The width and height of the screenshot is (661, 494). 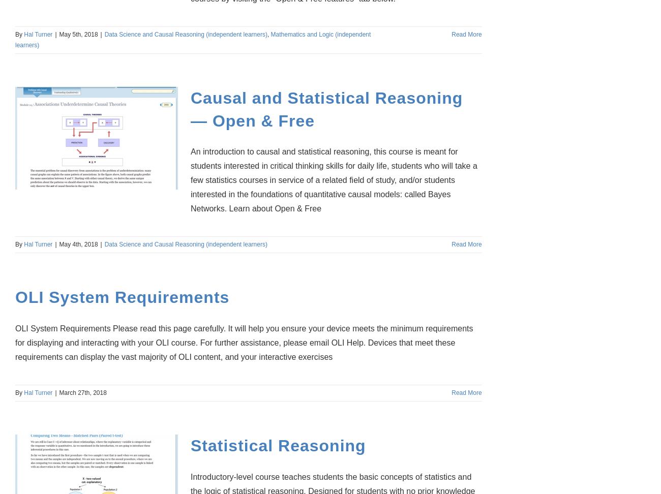 What do you see at coordinates (333, 179) in the screenshot?
I see `'An introduction to causal and statistical reasoning, this course is meant for students interested in critical thinking skills for daily life, students who will take a few statistics courses in service of a related field of study, and/or students interested in the foundations of quantitative causal models: called Bayes Networks. Learn about Open & Free'` at bounding box center [333, 179].